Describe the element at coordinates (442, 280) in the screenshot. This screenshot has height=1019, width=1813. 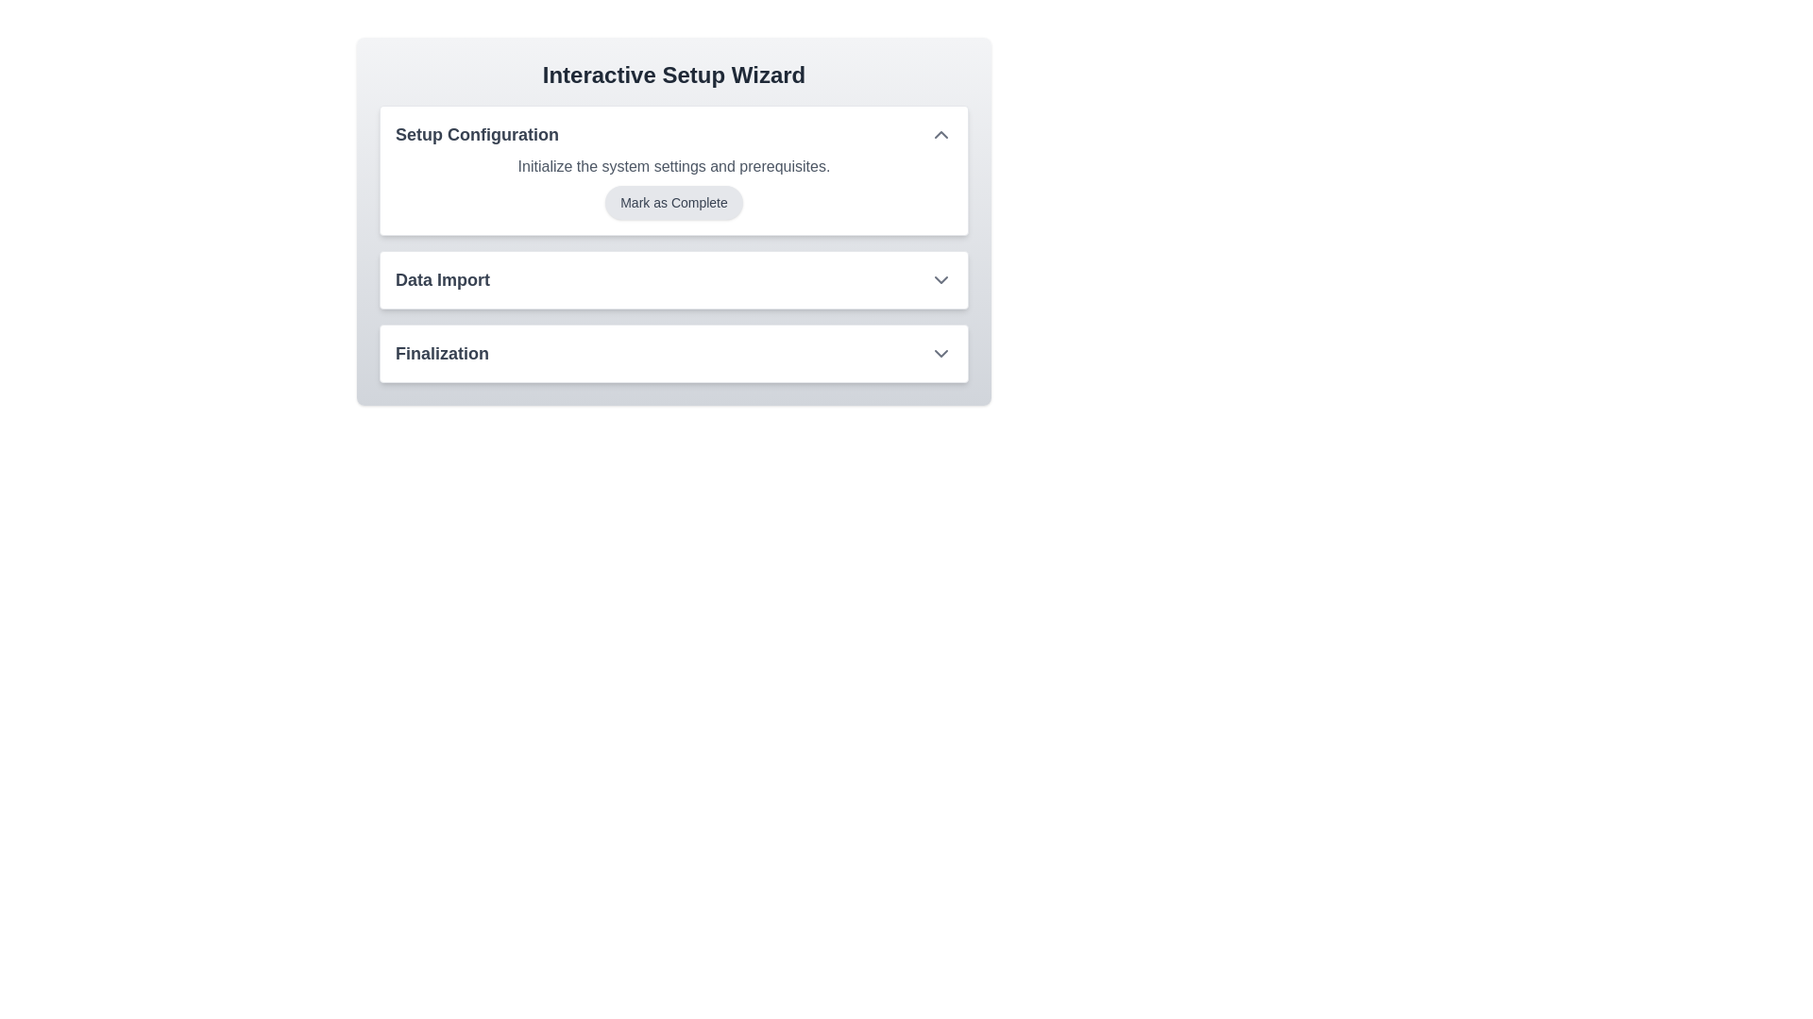
I see `text label indicating the 'Data Import' configuration step within the Interactive Setup Wizard` at that location.